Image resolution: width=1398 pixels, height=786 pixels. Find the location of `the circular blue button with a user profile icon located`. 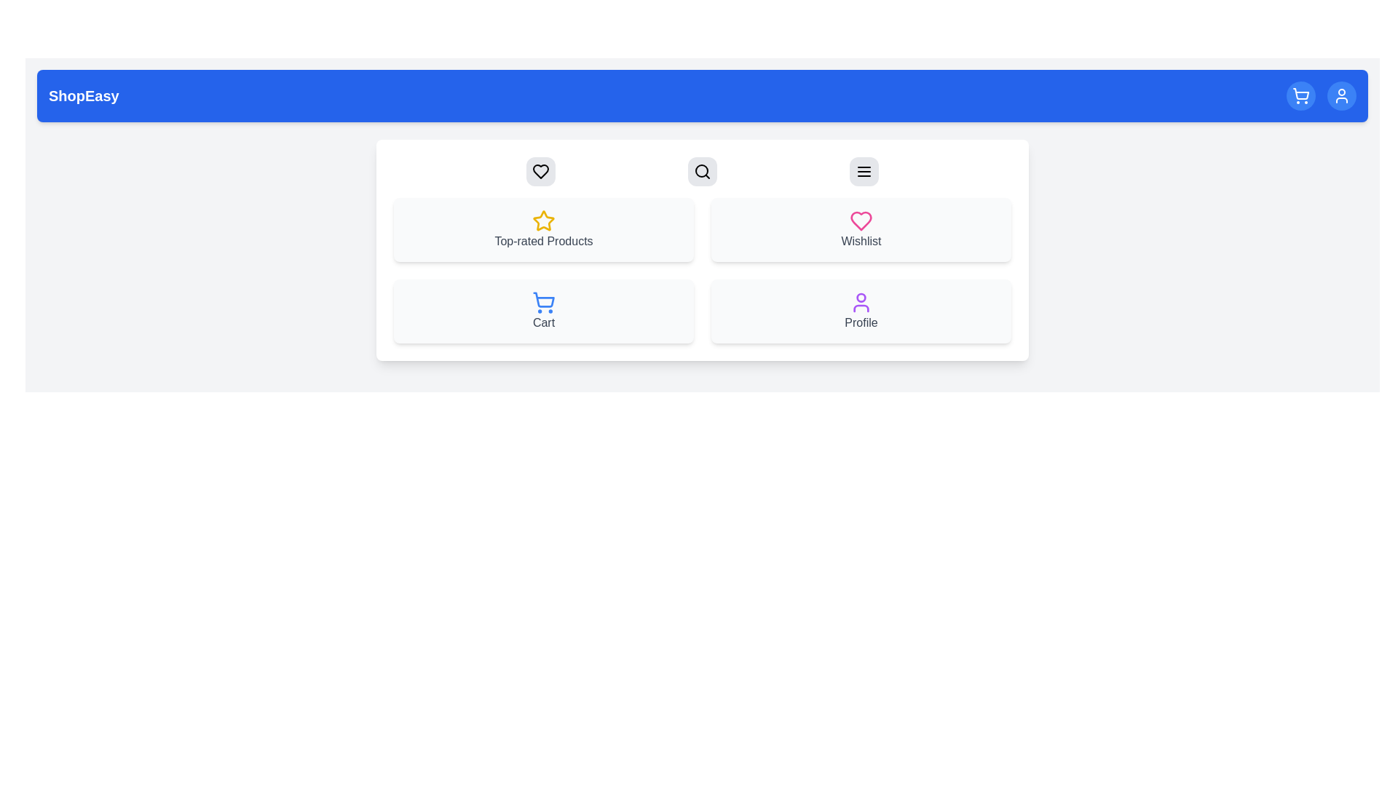

the circular blue button with a user profile icon located is located at coordinates (1341, 95).